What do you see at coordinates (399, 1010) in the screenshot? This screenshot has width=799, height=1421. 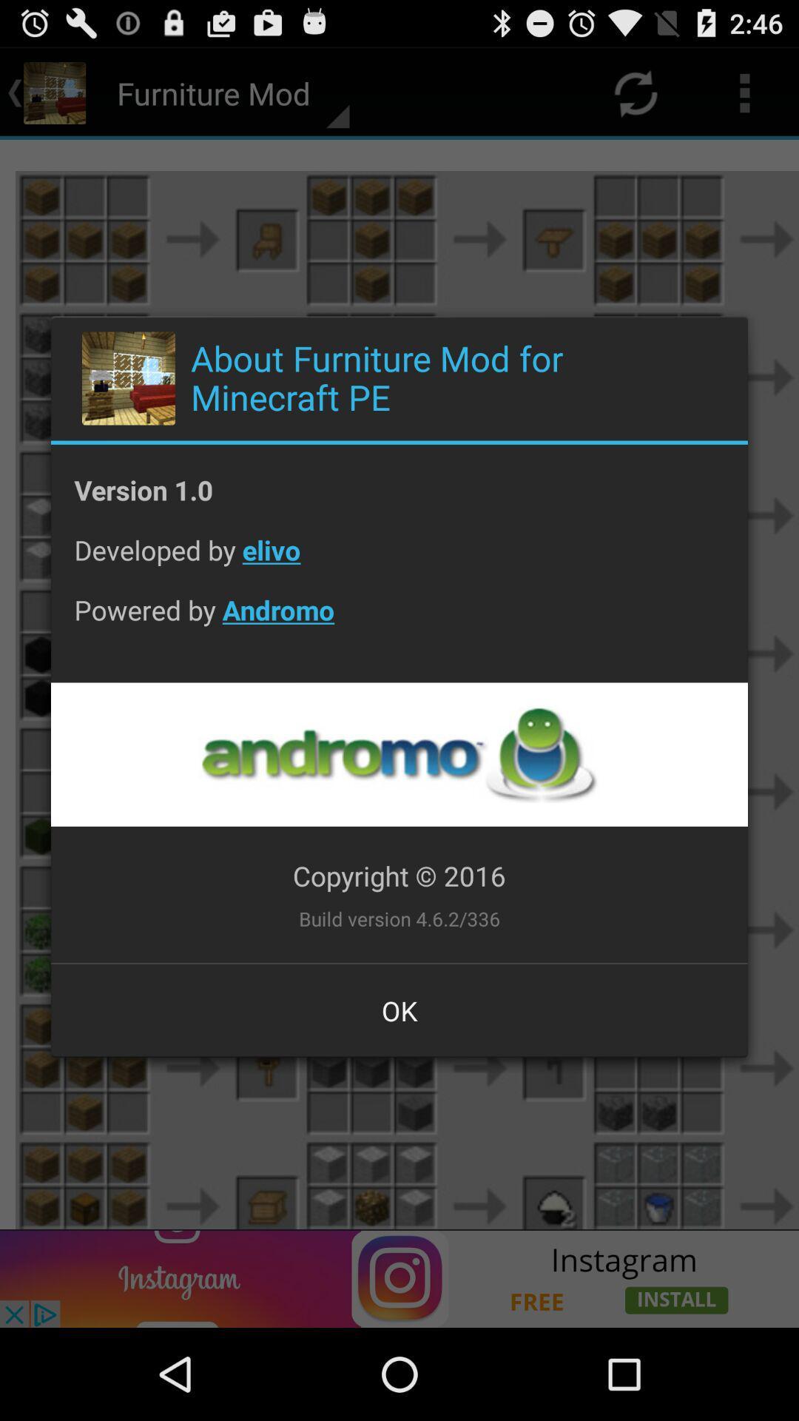 I see `the ok` at bounding box center [399, 1010].